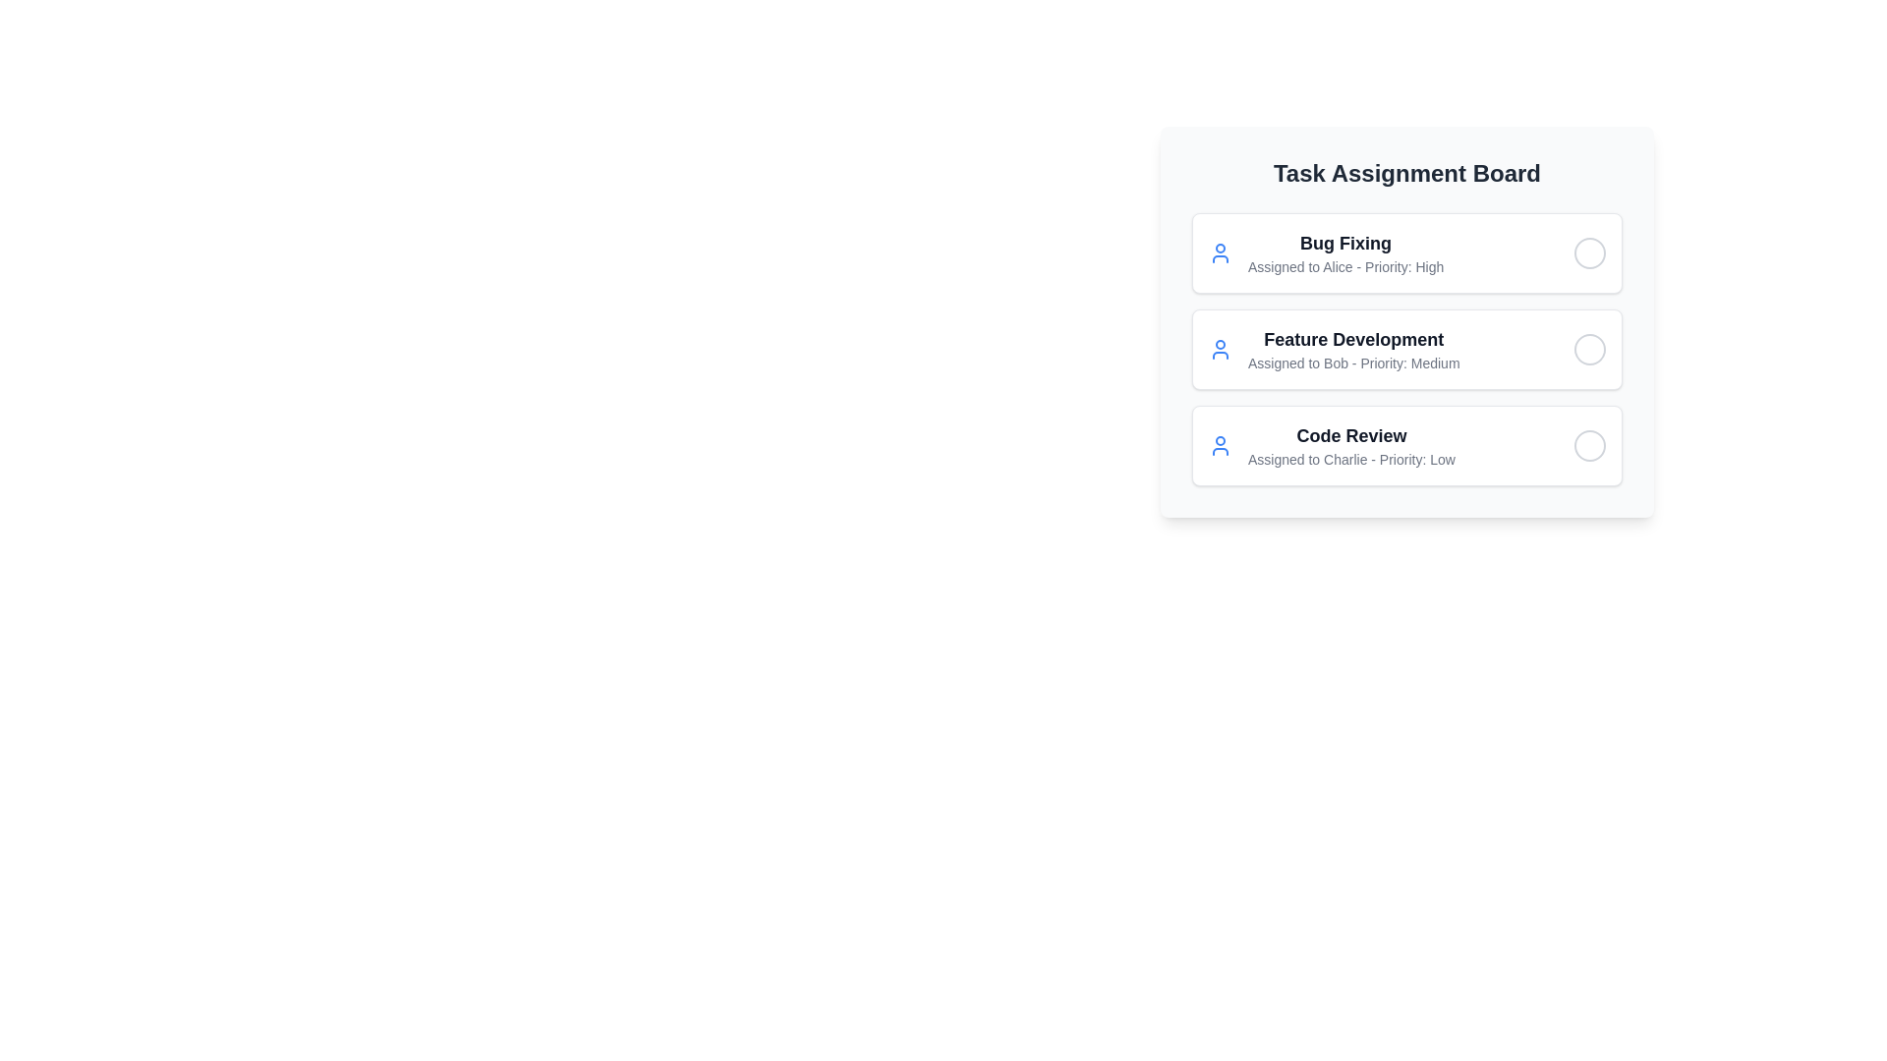  Describe the element at coordinates (1405, 252) in the screenshot. I see `the 'Bug Fixing' task card, which is the topmost element` at that location.